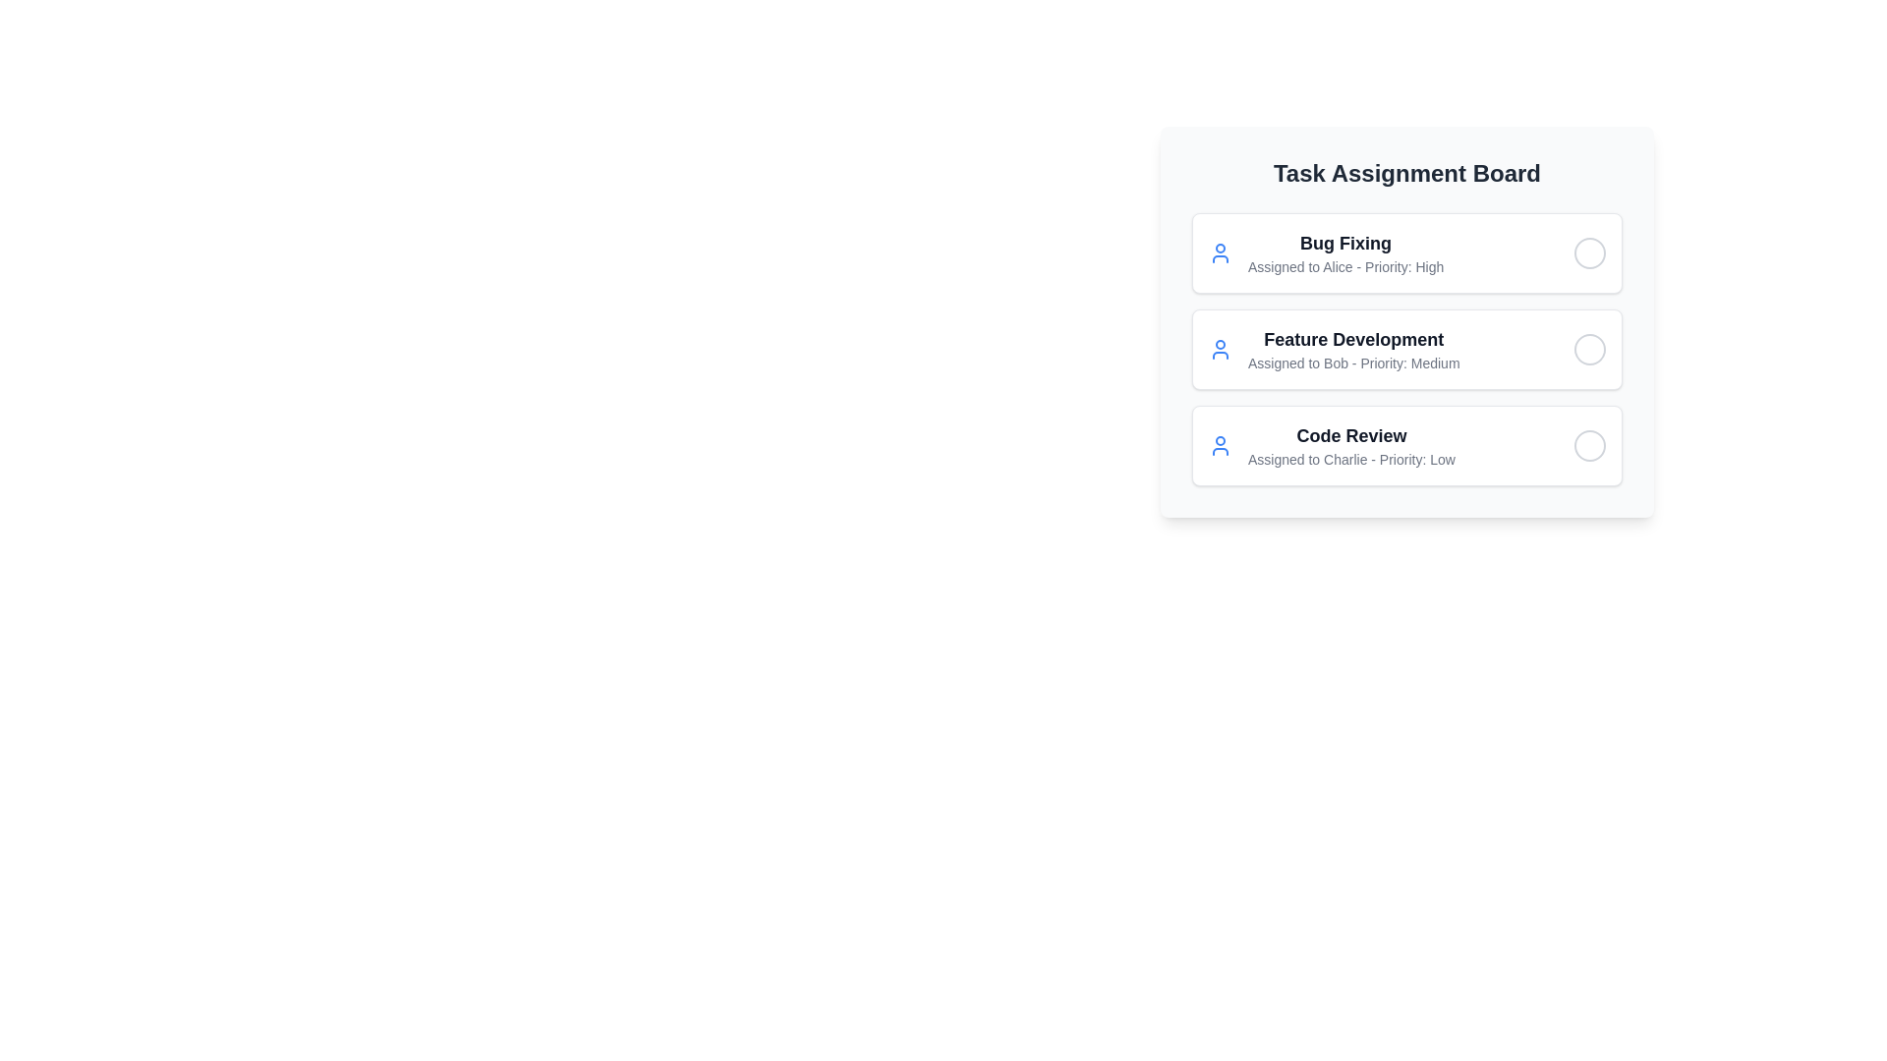  Describe the element at coordinates (1405, 252) in the screenshot. I see `the 'Bug Fixing' task card, which is the topmost element` at that location.